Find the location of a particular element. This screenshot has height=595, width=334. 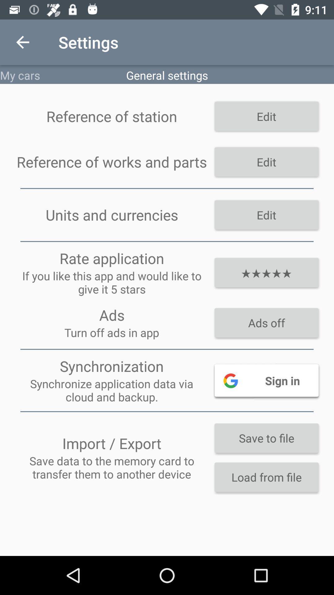

the item above ads off is located at coordinates (266, 272).